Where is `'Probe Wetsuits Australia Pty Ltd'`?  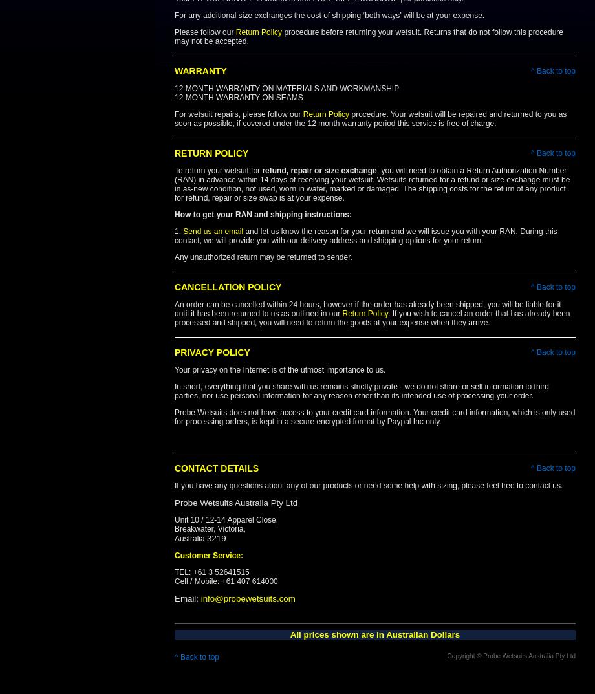
'Probe Wetsuits Australia Pty Ltd' is located at coordinates (175, 503).